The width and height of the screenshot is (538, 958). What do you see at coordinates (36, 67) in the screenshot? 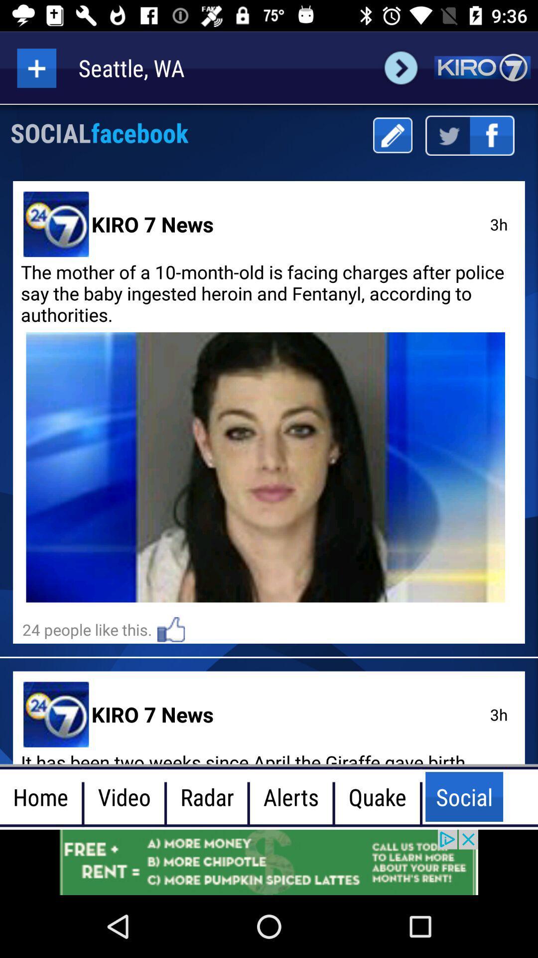
I see `open menu` at bounding box center [36, 67].